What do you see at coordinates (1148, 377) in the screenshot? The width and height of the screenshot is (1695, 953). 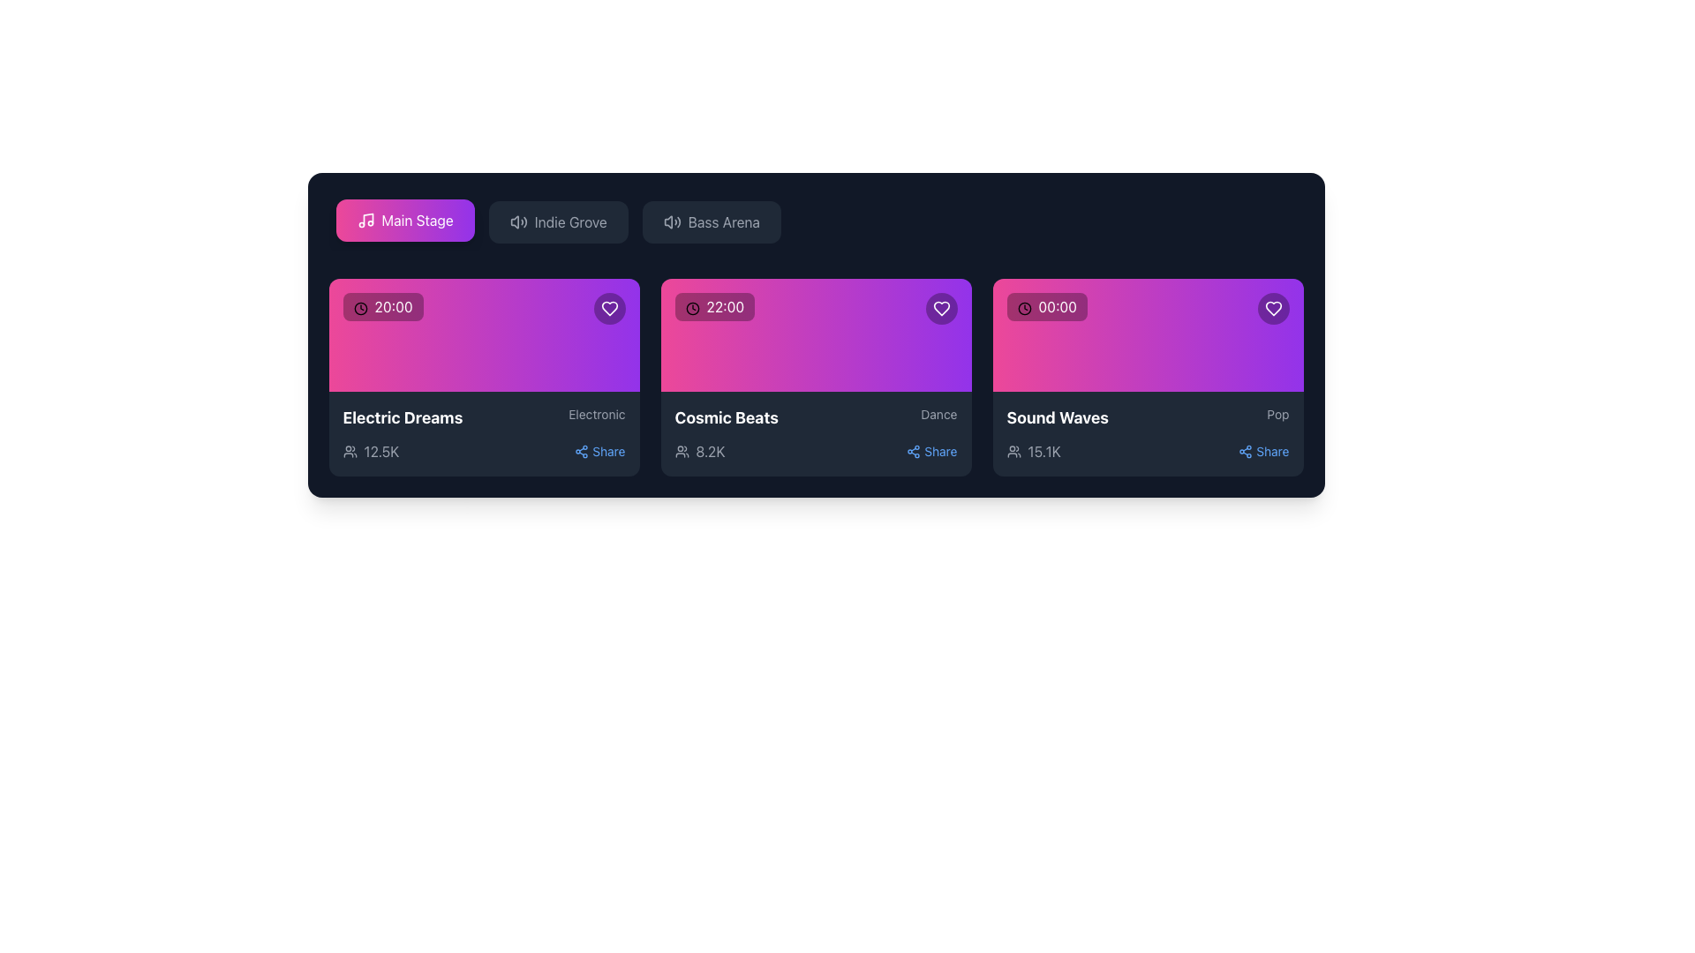 I see `the Information Card that provides details about a music track, located as the third card in a grid, adjacent to 'Cosmic Beats'` at bounding box center [1148, 377].